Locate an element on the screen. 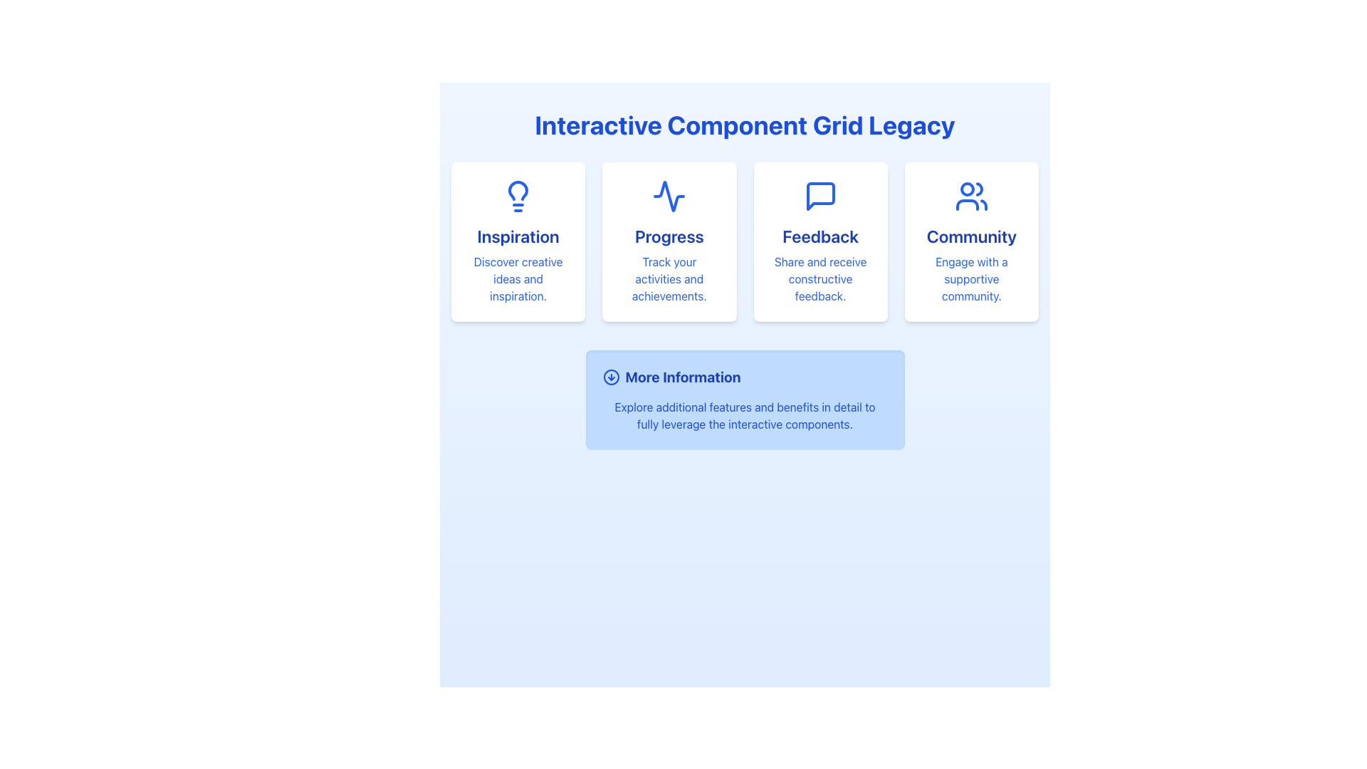 Image resolution: width=1367 pixels, height=769 pixels. the 'Progress' card in the grid layout for navigation is located at coordinates (744, 241).